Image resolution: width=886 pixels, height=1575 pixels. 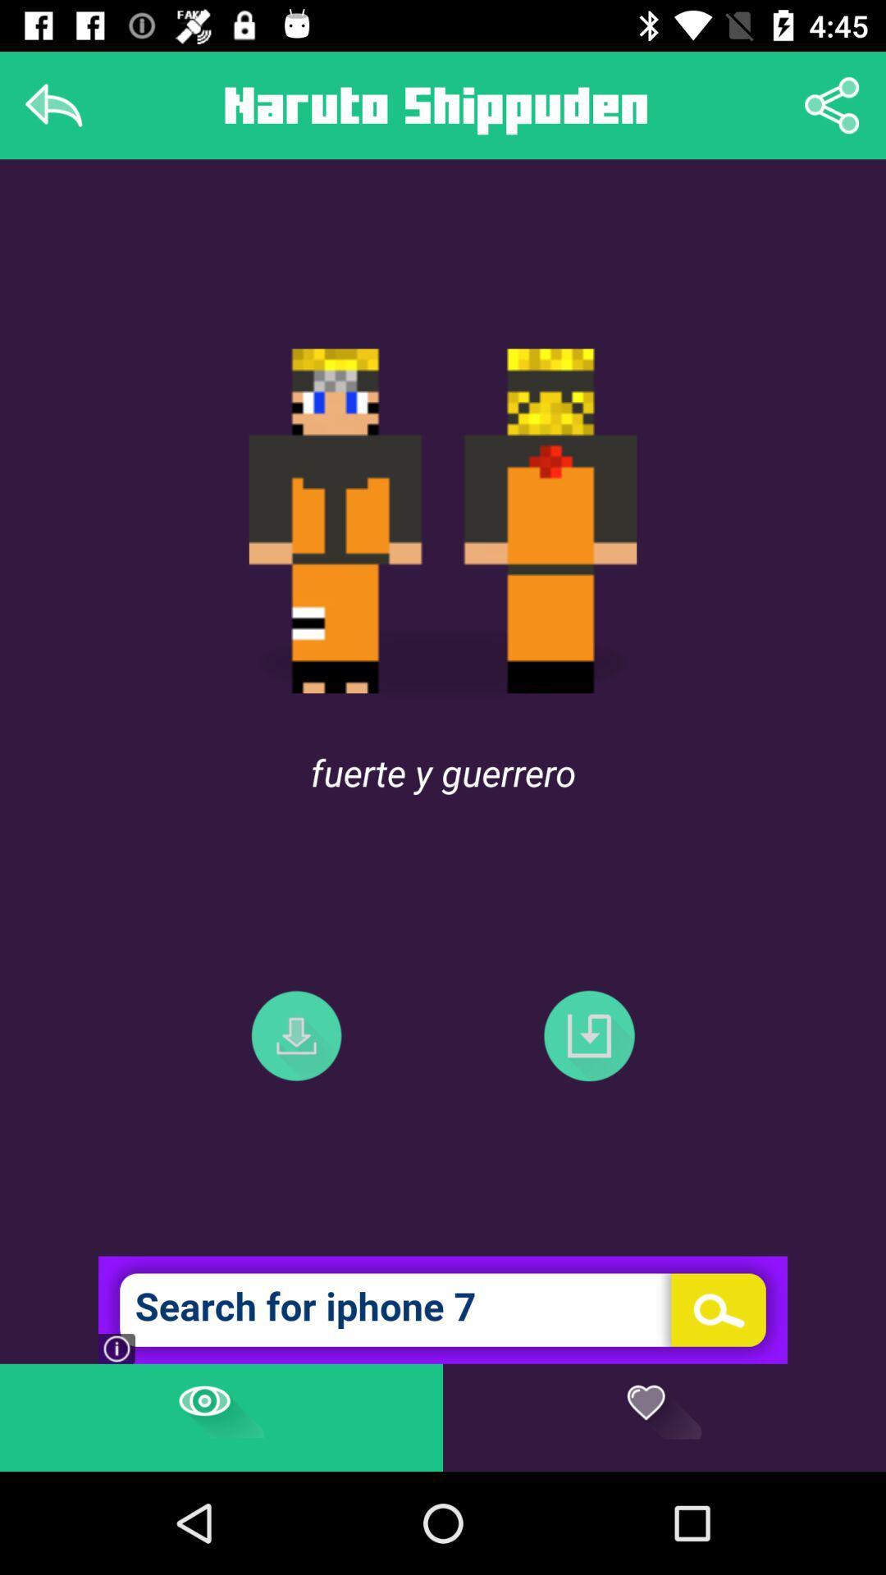 What do you see at coordinates (53, 104) in the screenshot?
I see `the reply icon` at bounding box center [53, 104].